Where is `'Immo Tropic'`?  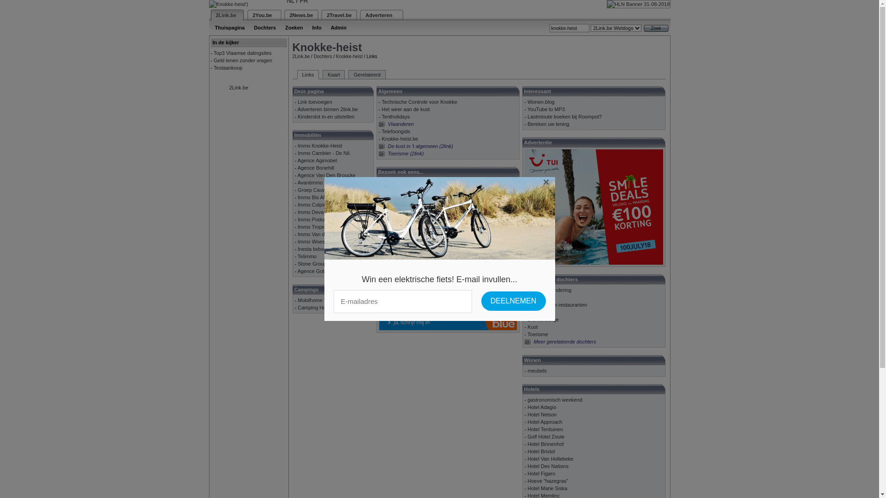 'Immo Tropic' is located at coordinates (311, 227).